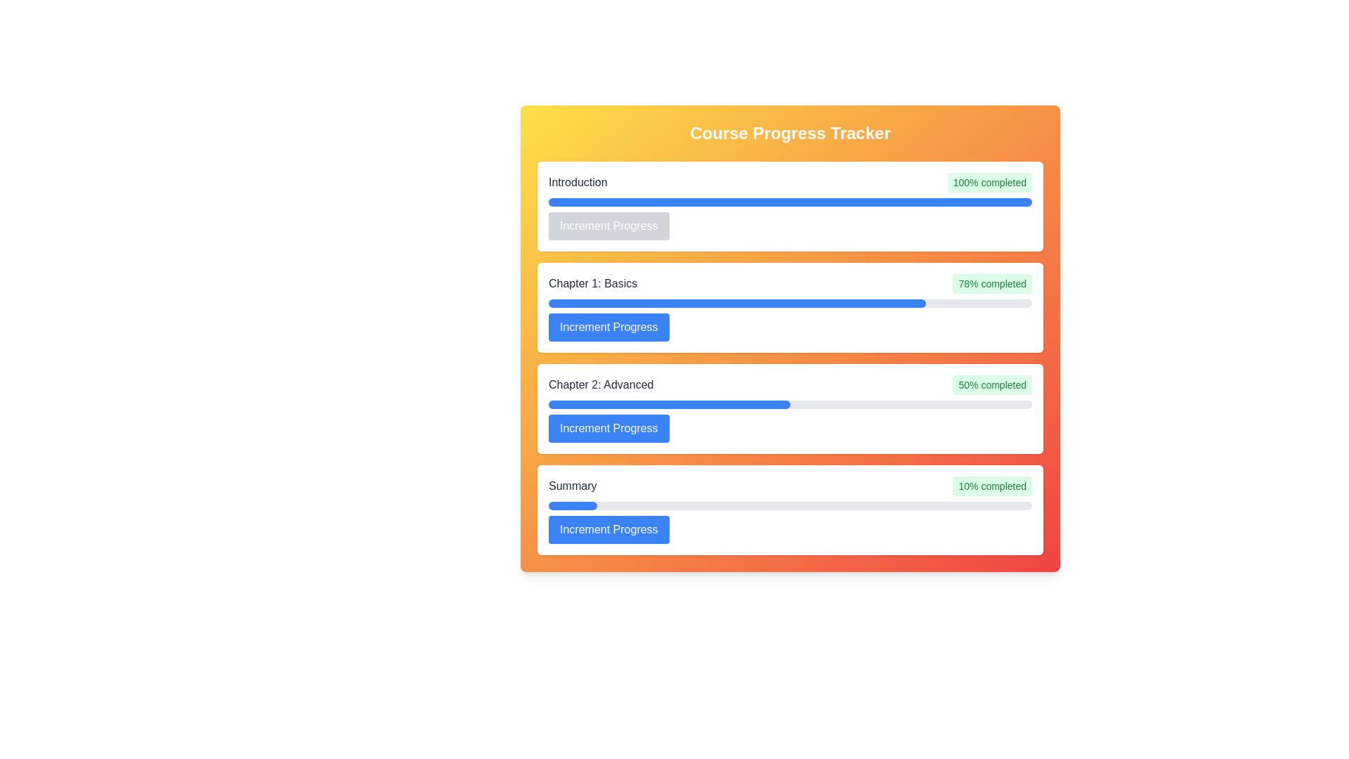  What do you see at coordinates (790, 206) in the screenshot?
I see `the Progress Tracker Module located just below the 'Course Progress Tracker' header` at bounding box center [790, 206].